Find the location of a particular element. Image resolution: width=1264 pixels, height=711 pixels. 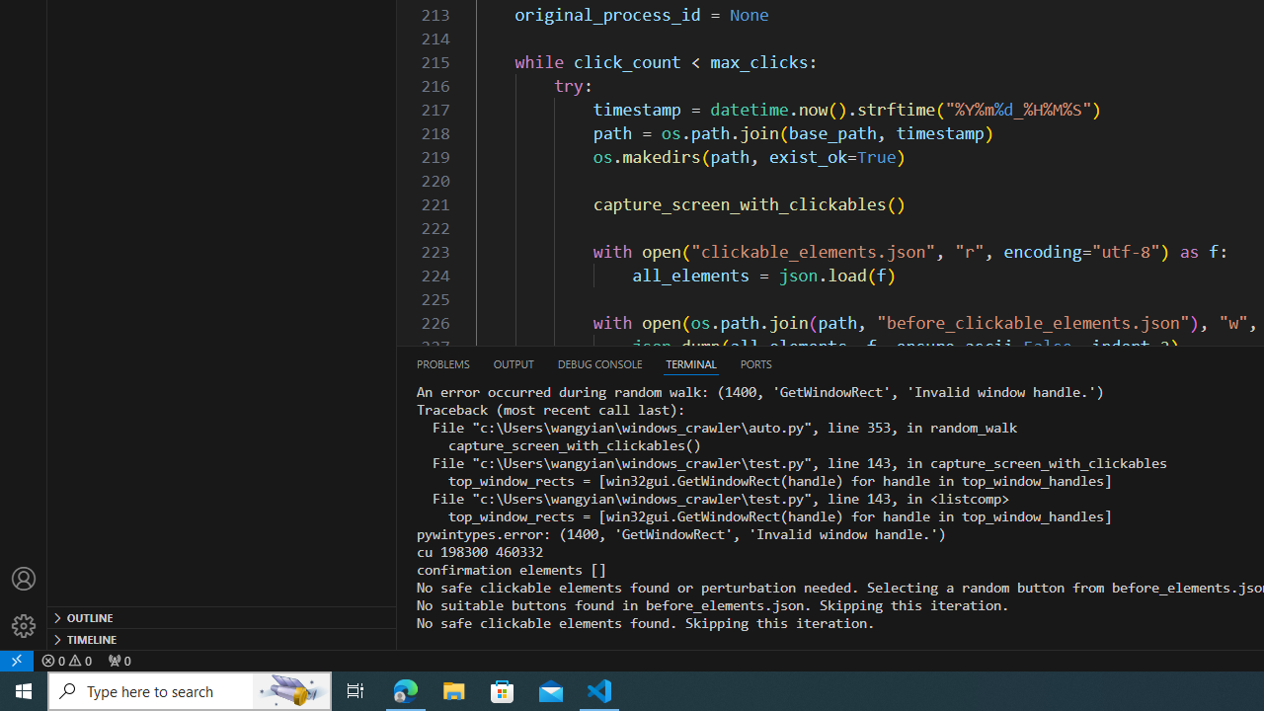

'Outline Section' is located at coordinates (221, 615).